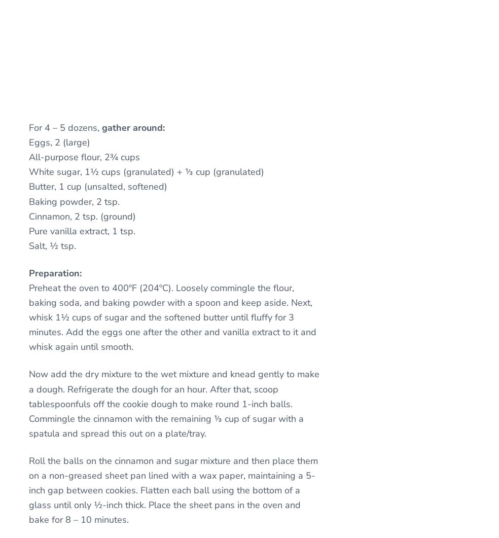  What do you see at coordinates (102, 127) in the screenshot?
I see `'gather around:'` at bounding box center [102, 127].